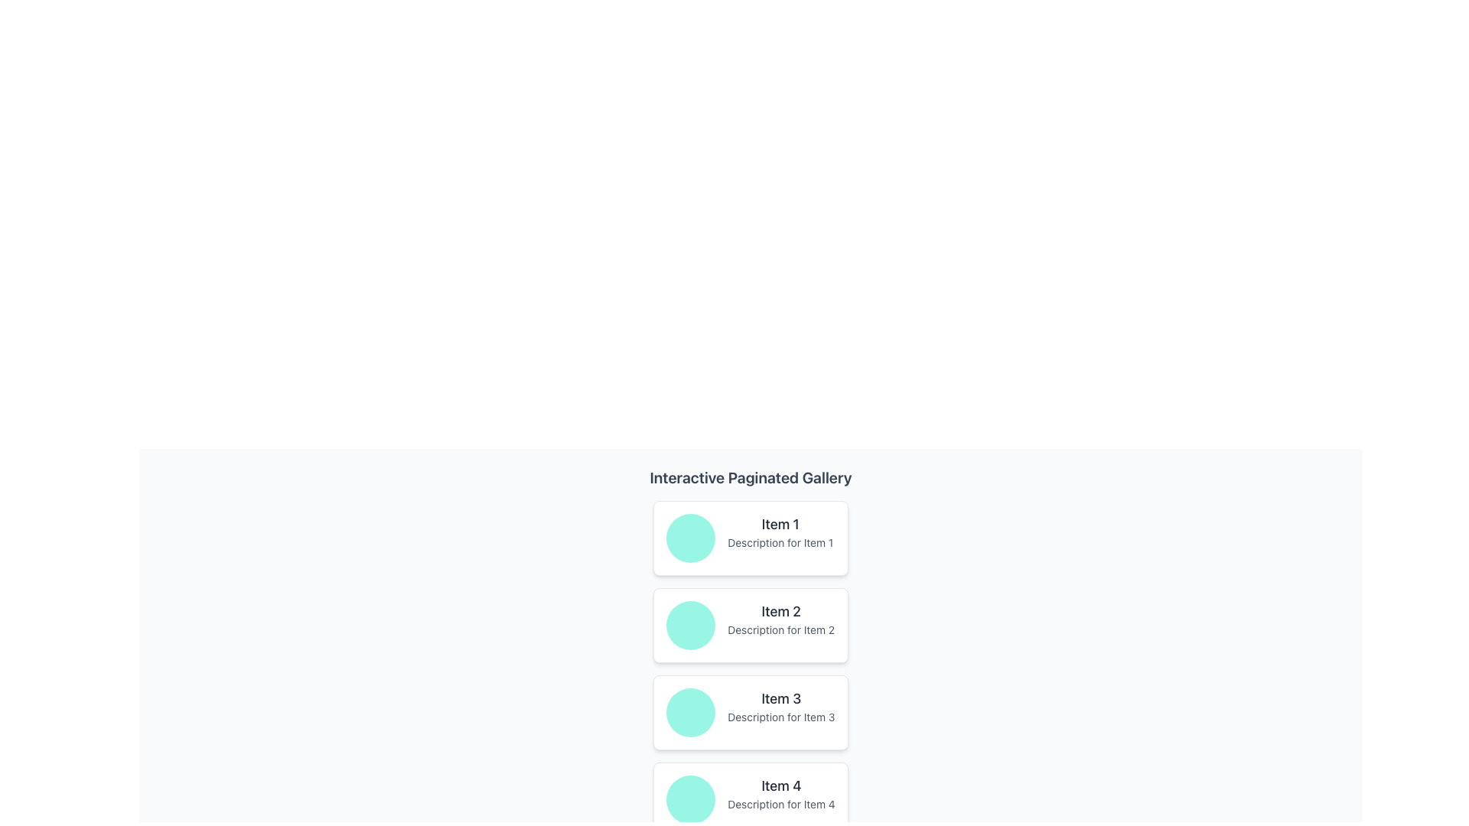 The image size is (1469, 826). What do you see at coordinates (780, 531) in the screenshot?
I see `descriptive text element that summarizes the purpose or content of the uppermost card in the vertically stacked list, which is aligned centrally within the right section of the card` at bounding box center [780, 531].